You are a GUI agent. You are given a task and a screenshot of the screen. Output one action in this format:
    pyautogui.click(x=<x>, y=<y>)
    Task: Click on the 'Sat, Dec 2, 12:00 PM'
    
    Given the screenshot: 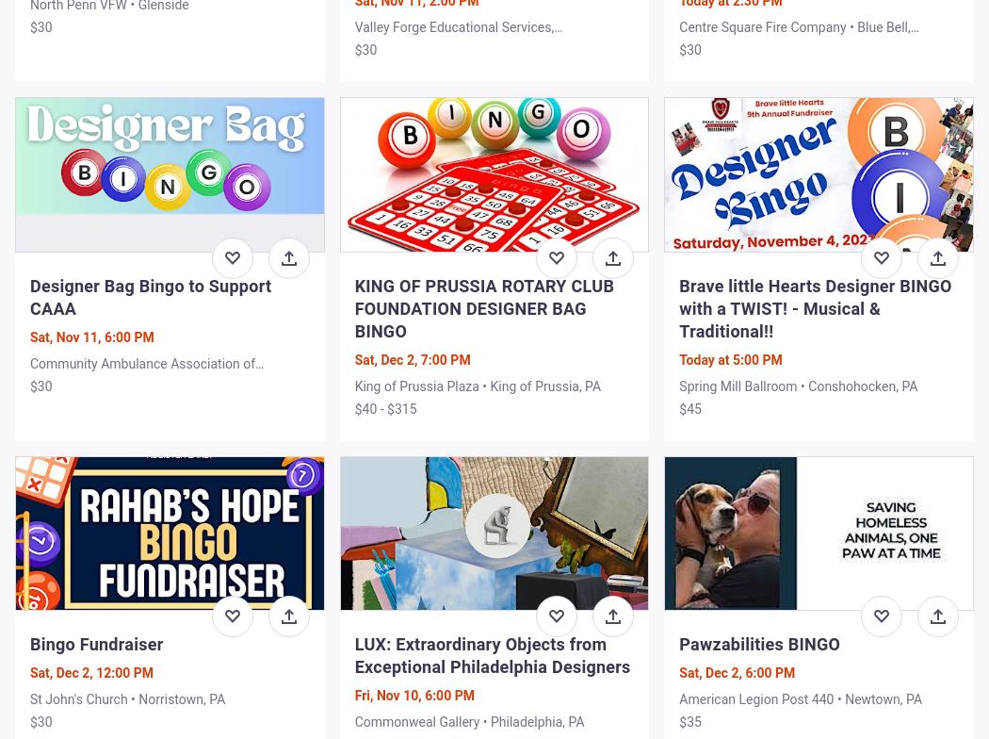 What is the action you would take?
    pyautogui.click(x=91, y=671)
    